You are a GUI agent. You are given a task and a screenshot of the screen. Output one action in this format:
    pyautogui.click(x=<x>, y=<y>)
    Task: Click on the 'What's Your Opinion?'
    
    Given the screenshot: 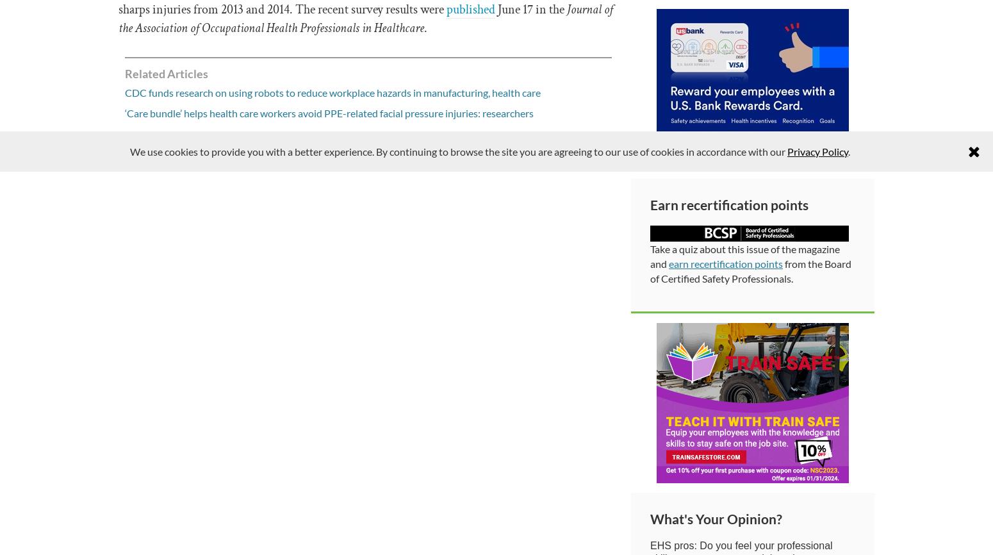 What is the action you would take?
    pyautogui.click(x=650, y=518)
    